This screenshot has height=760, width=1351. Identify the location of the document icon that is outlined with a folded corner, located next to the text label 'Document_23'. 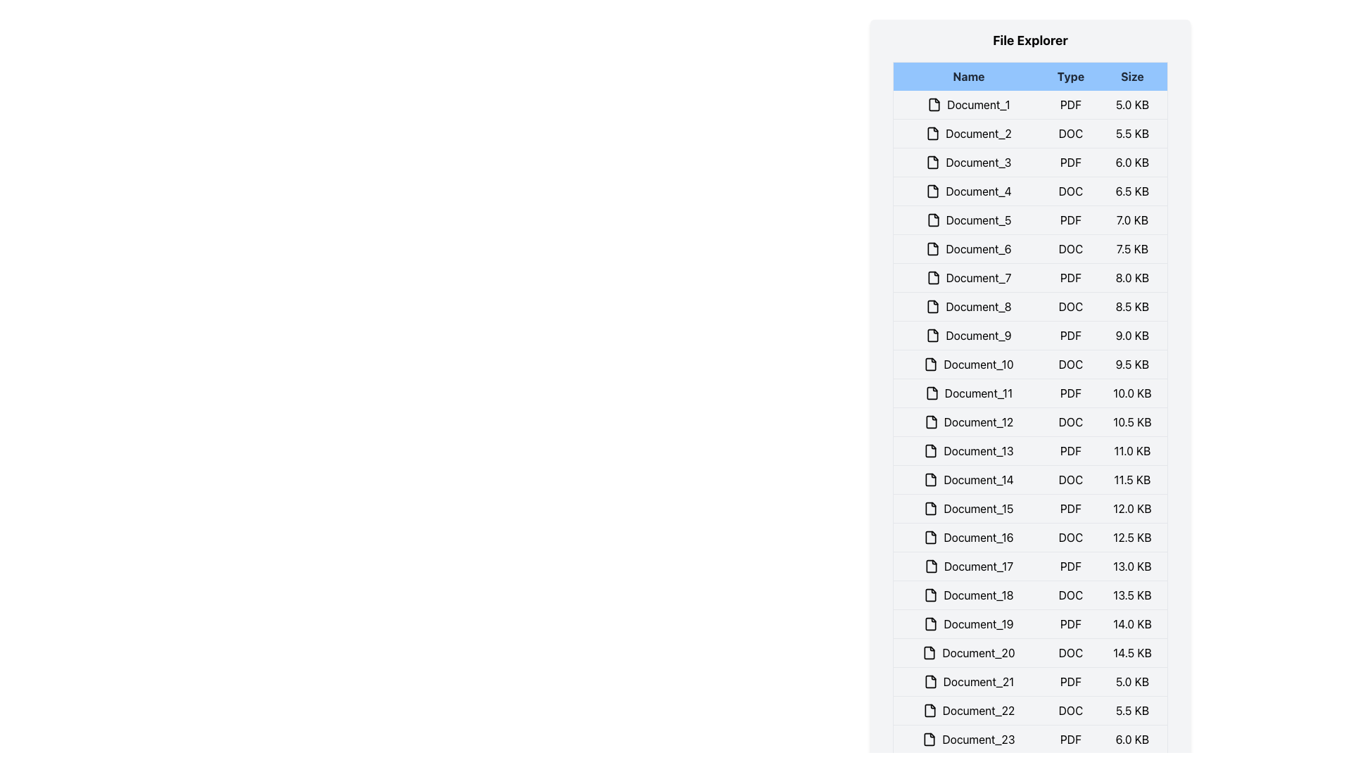
(930, 738).